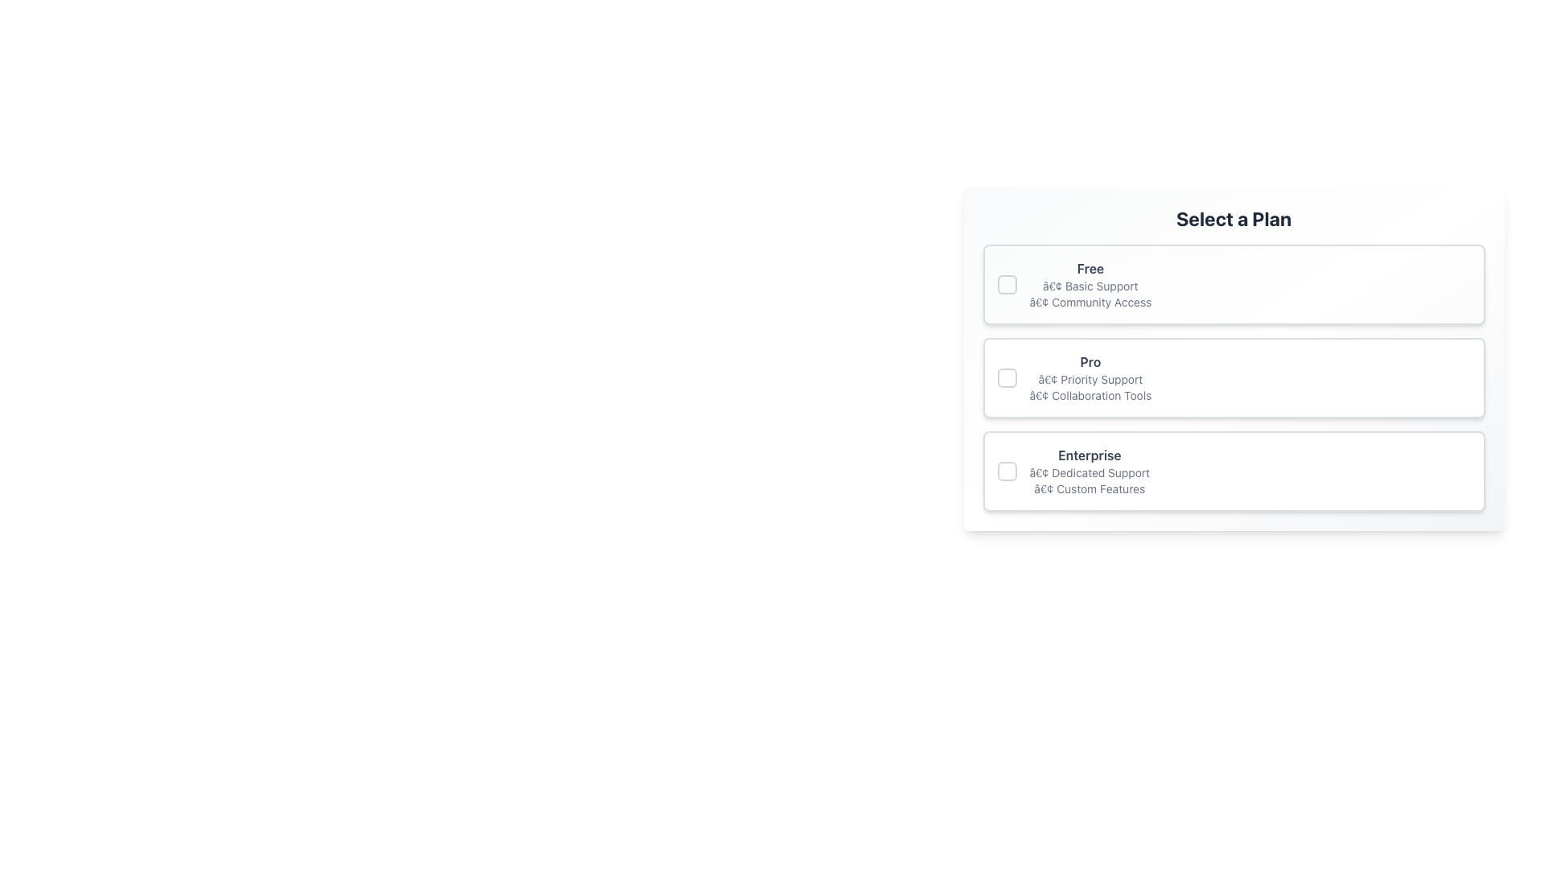 This screenshot has width=1545, height=869. Describe the element at coordinates (1006, 471) in the screenshot. I see `the interactive checkbox located to the immediate left of the 'Enterprise' text in the 'Select a Plan' section` at that location.